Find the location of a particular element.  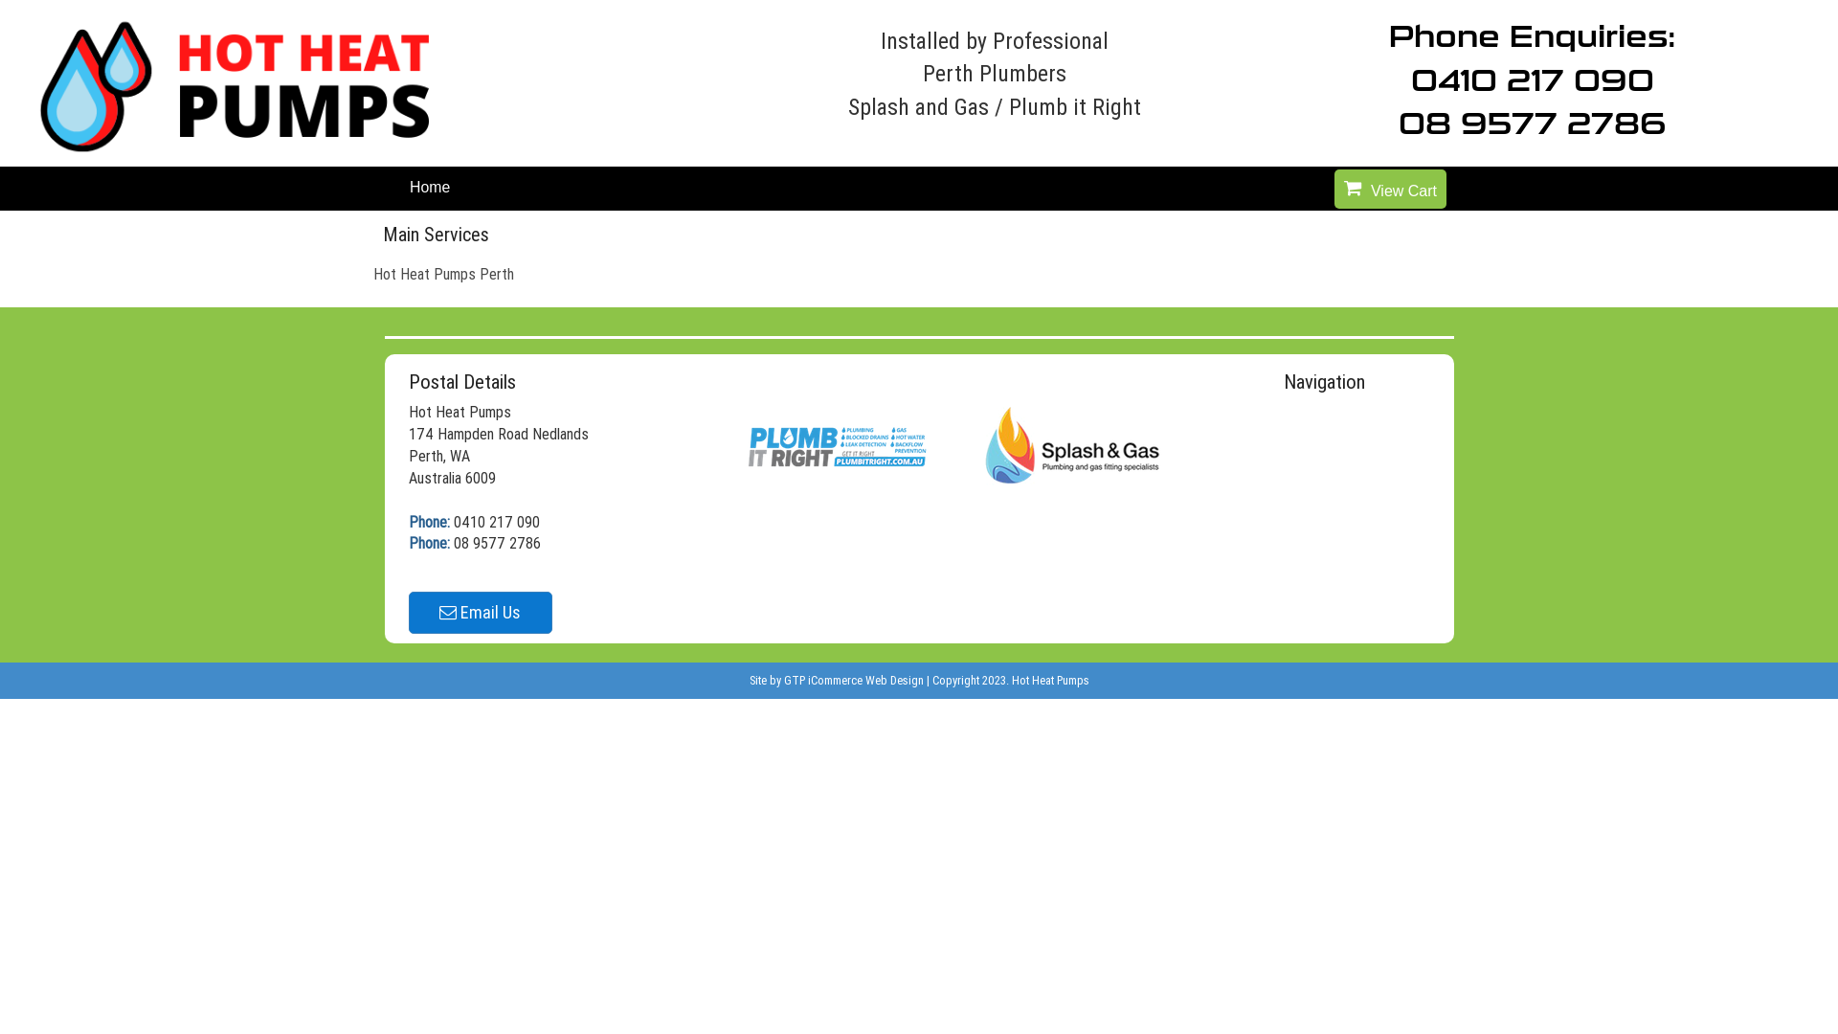

'Splash and Gas' is located at coordinates (1070, 442).